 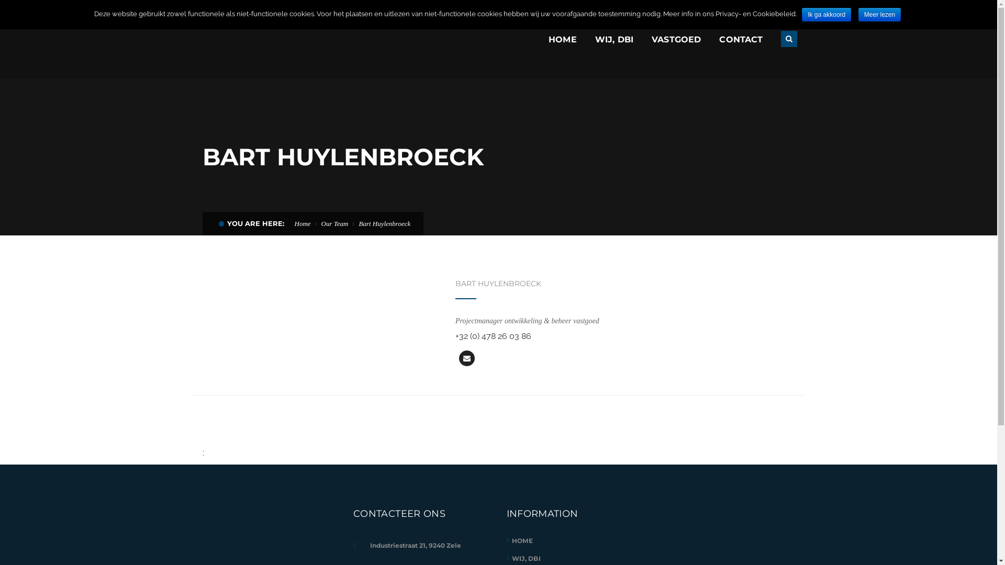 What do you see at coordinates (522, 540) in the screenshot?
I see `'HOME'` at bounding box center [522, 540].